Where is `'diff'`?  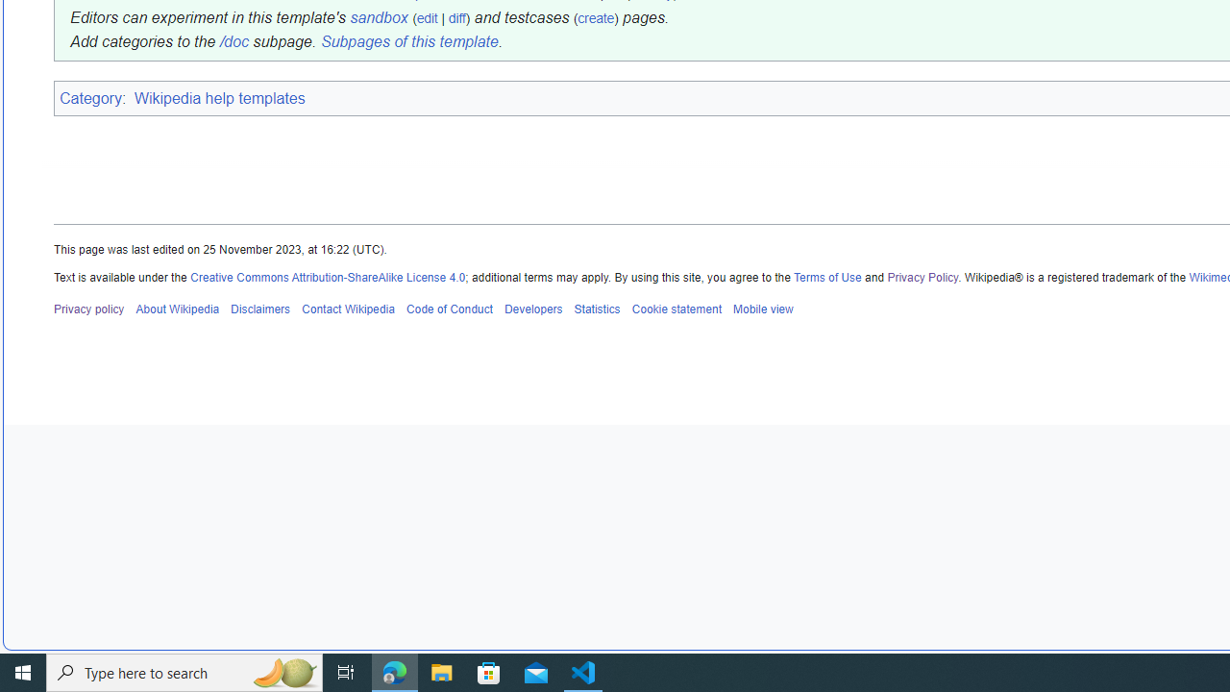
'diff' is located at coordinates (455, 18).